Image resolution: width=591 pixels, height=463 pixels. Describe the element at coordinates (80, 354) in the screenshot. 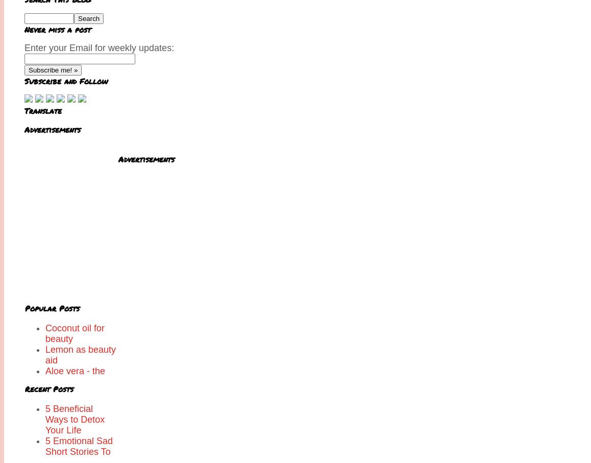

I see `'Lemon as beauty aid'` at that location.